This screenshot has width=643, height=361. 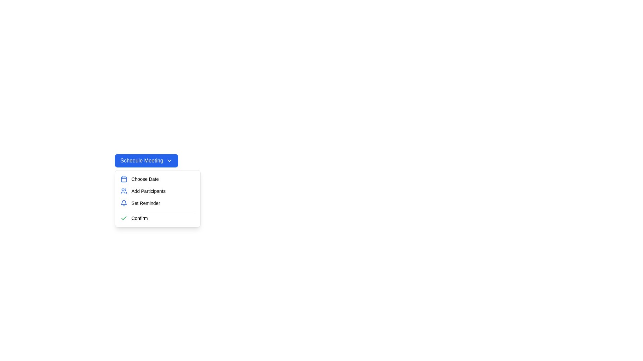 I want to click on the confirmation button in the dropdown menu, so click(x=157, y=218).